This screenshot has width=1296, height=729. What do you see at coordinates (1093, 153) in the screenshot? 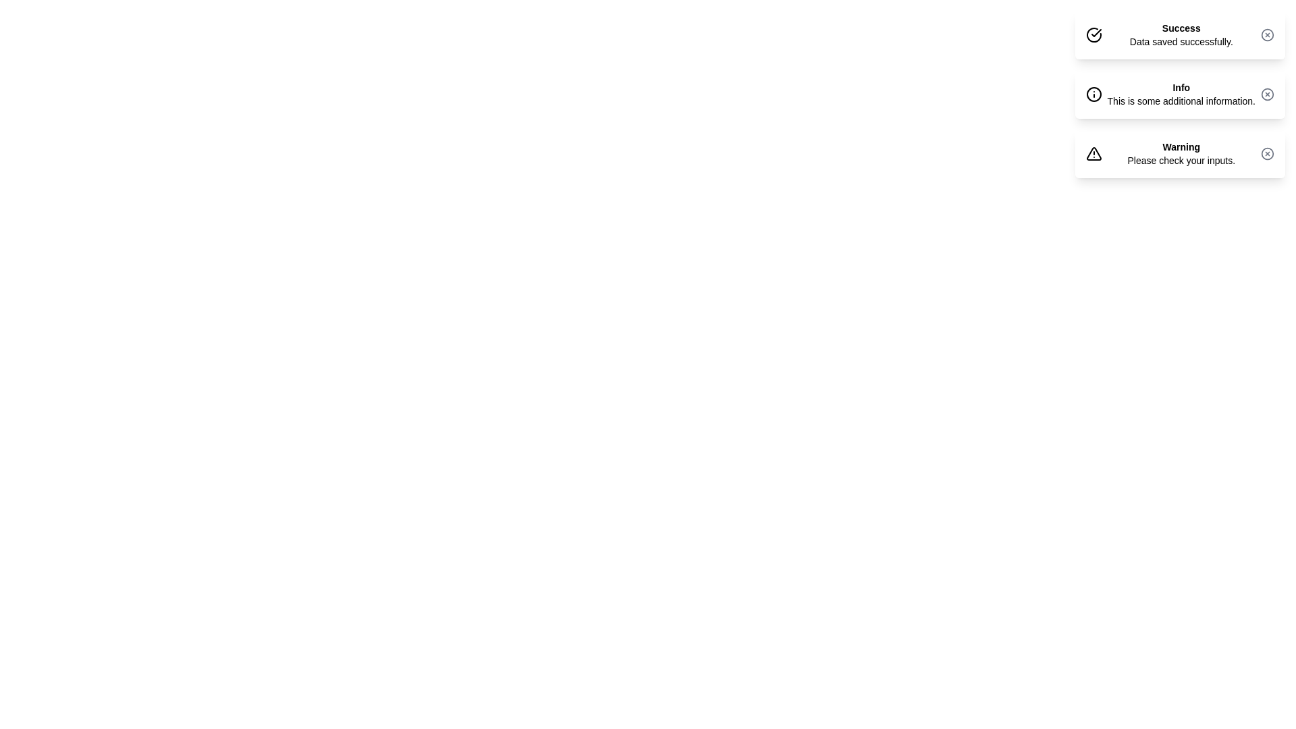
I see `the warning icon located to the left of the text content in the vertically arranged list of notifications` at bounding box center [1093, 153].